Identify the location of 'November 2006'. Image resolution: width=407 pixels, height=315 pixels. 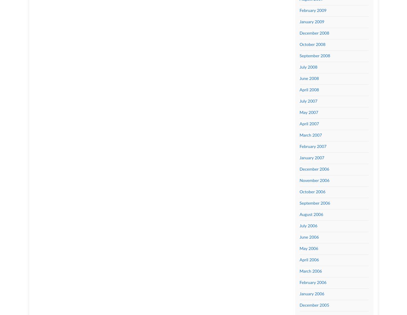
(299, 180).